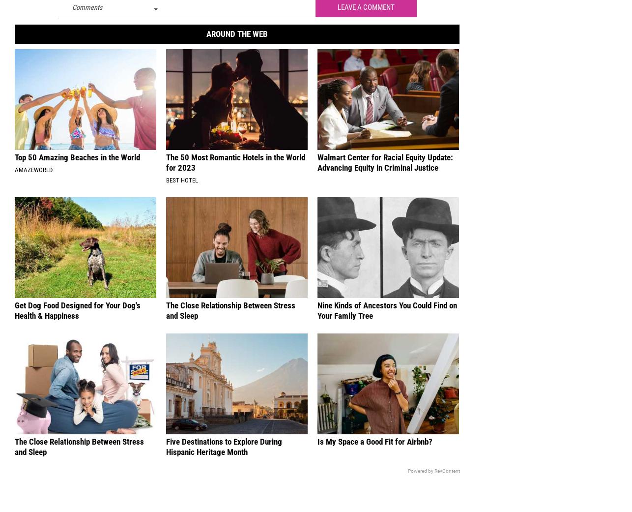 The image size is (632, 512). Describe the element at coordinates (224, 453) in the screenshot. I see `'Five Destinations to Explore During Hispanic Heritage Month'` at that location.